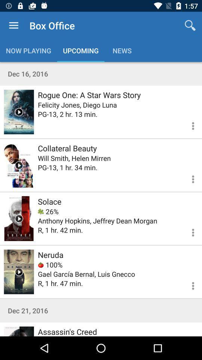  Describe the element at coordinates (188, 284) in the screenshot. I see `details` at that location.